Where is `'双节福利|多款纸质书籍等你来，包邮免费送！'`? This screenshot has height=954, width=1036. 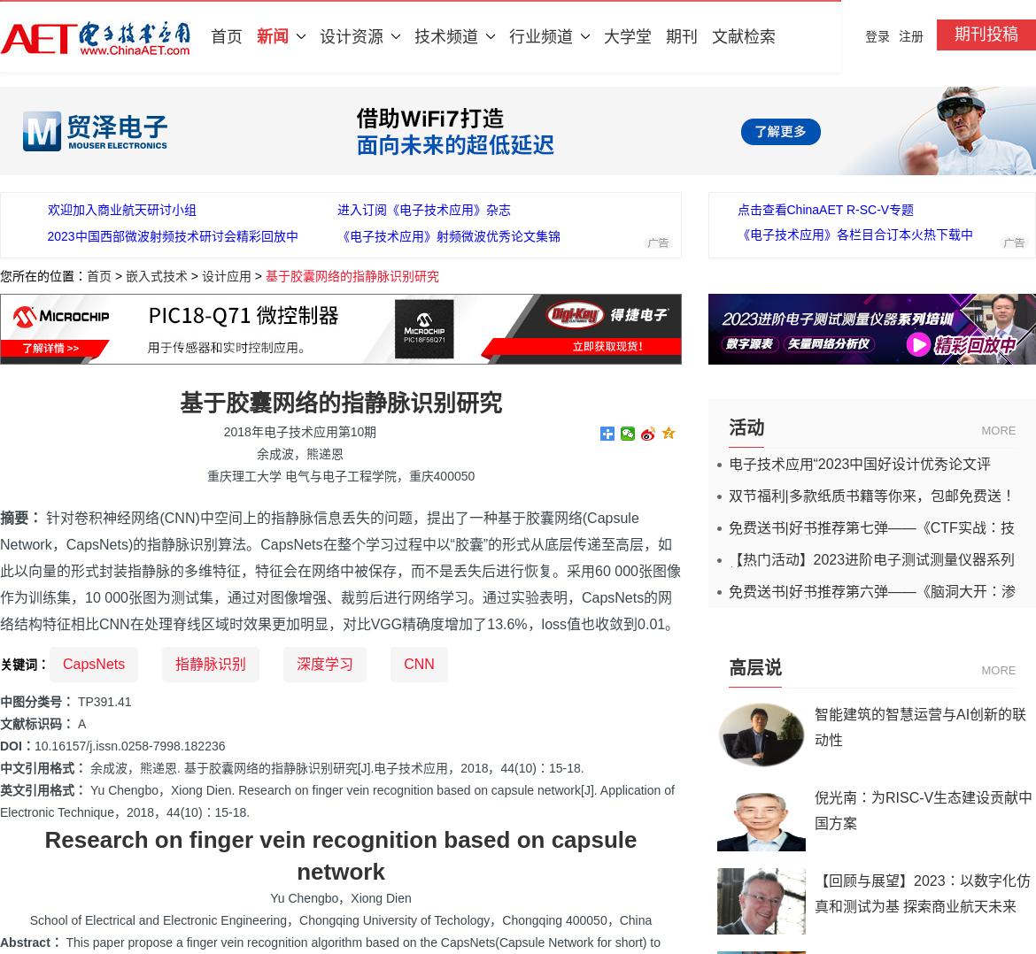 '双节福利|多款纸质书籍等你来，包邮免费送！' is located at coordinates (870, 495).